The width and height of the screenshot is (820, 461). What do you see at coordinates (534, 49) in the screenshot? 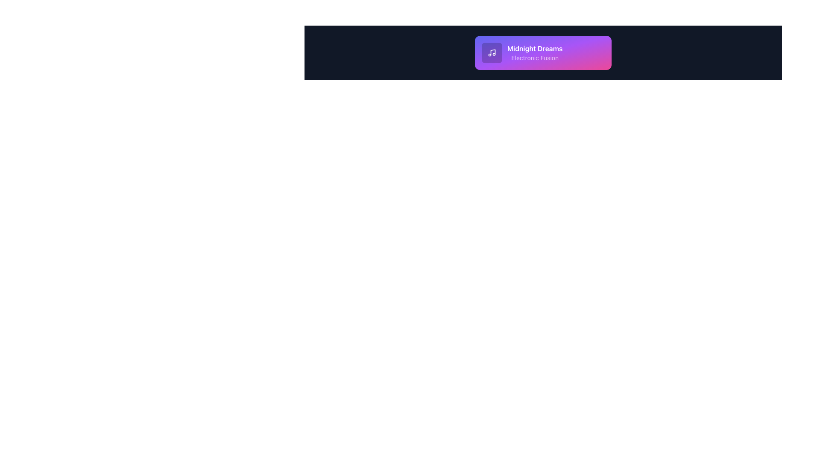
I see `the text label displaying 'Midnight Dreams' which is styled in bold white font and is part of a gradient purple background` at bounding box center [534, 49].